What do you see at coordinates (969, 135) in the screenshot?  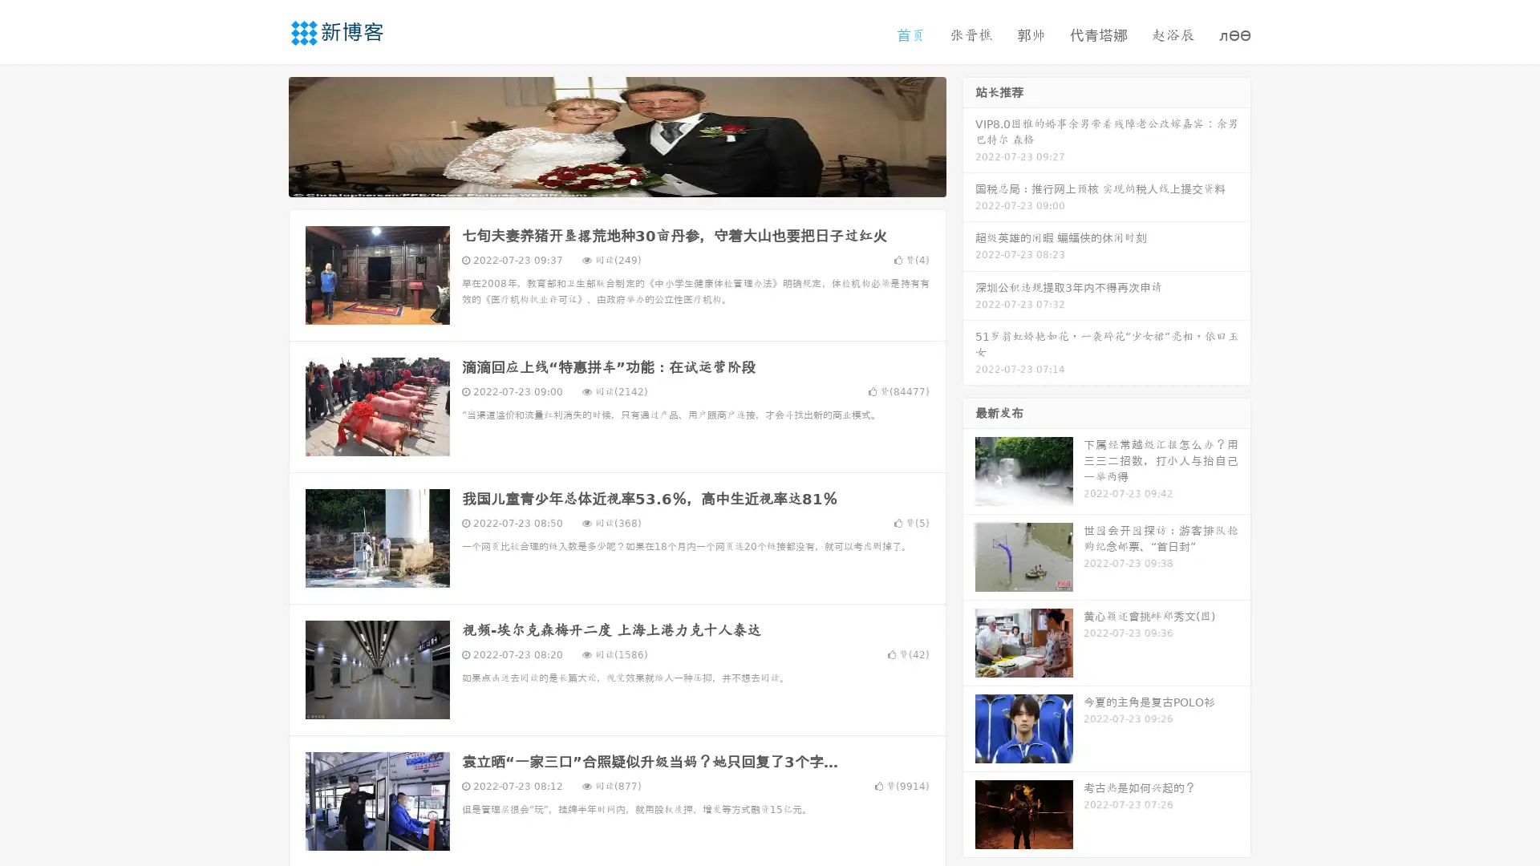 I see `Next slide` at bounding box center [969, 135].